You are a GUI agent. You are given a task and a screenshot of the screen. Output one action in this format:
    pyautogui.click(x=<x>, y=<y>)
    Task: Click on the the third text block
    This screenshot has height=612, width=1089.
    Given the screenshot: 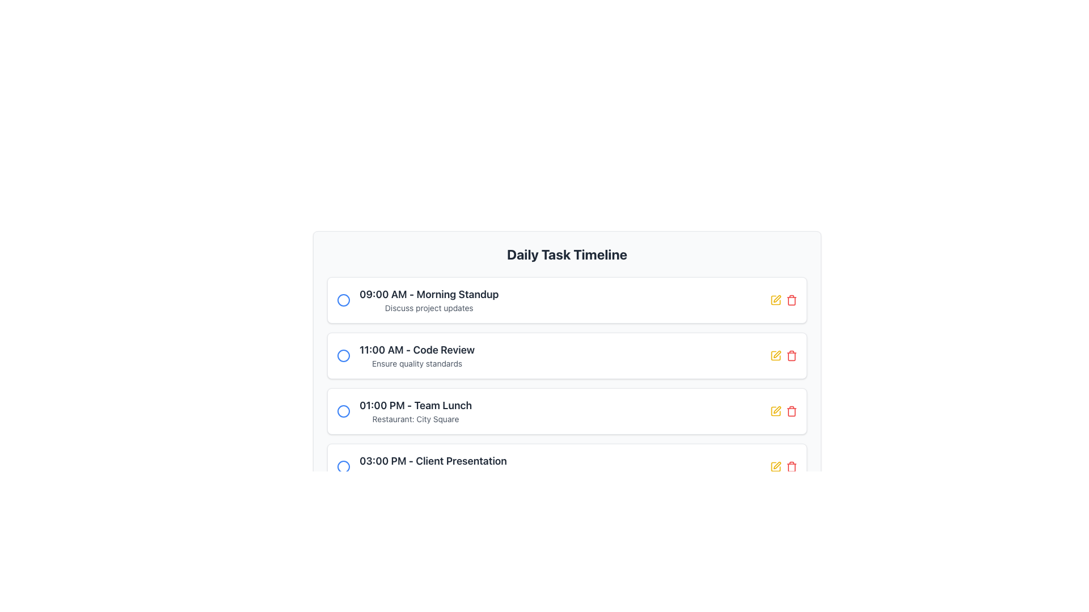 What is the action you would take?
    pyautogui.click(x=415, y=411)
    